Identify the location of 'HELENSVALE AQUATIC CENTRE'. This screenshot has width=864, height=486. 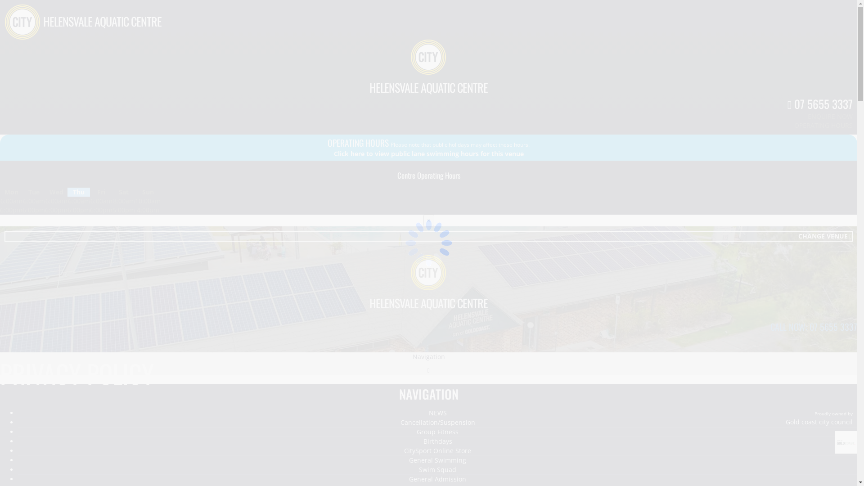
(428, 303).